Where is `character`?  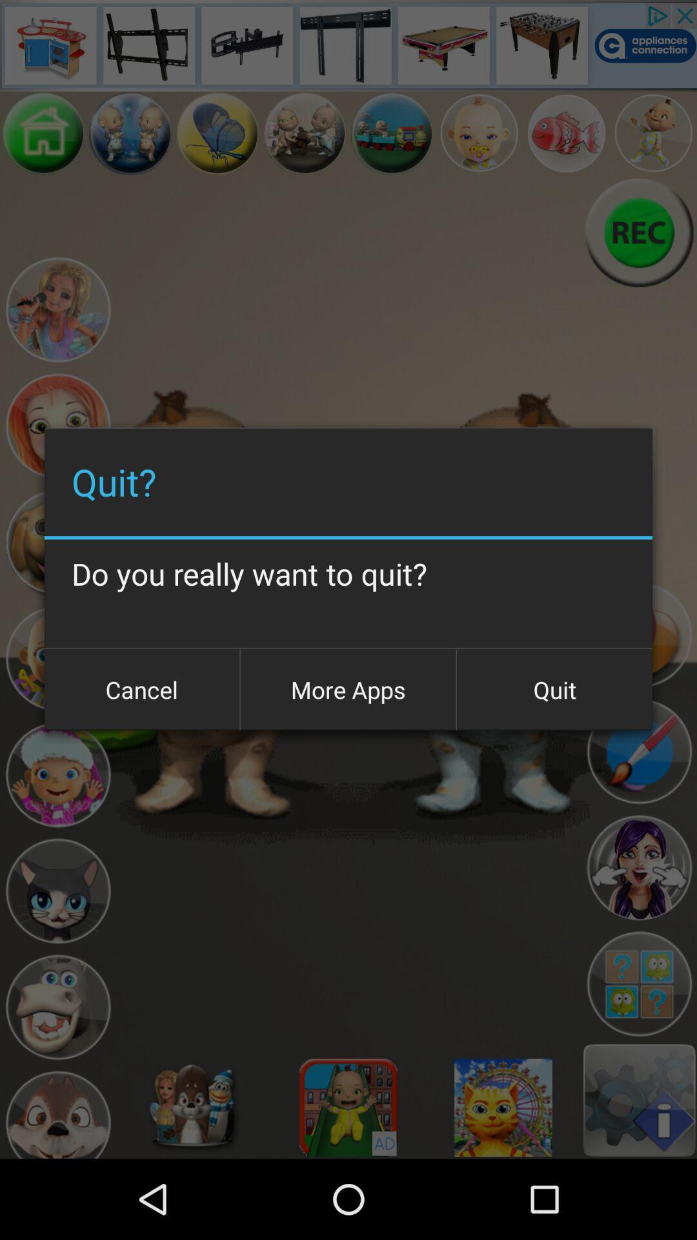
character is located at coordinates (57, 1111).